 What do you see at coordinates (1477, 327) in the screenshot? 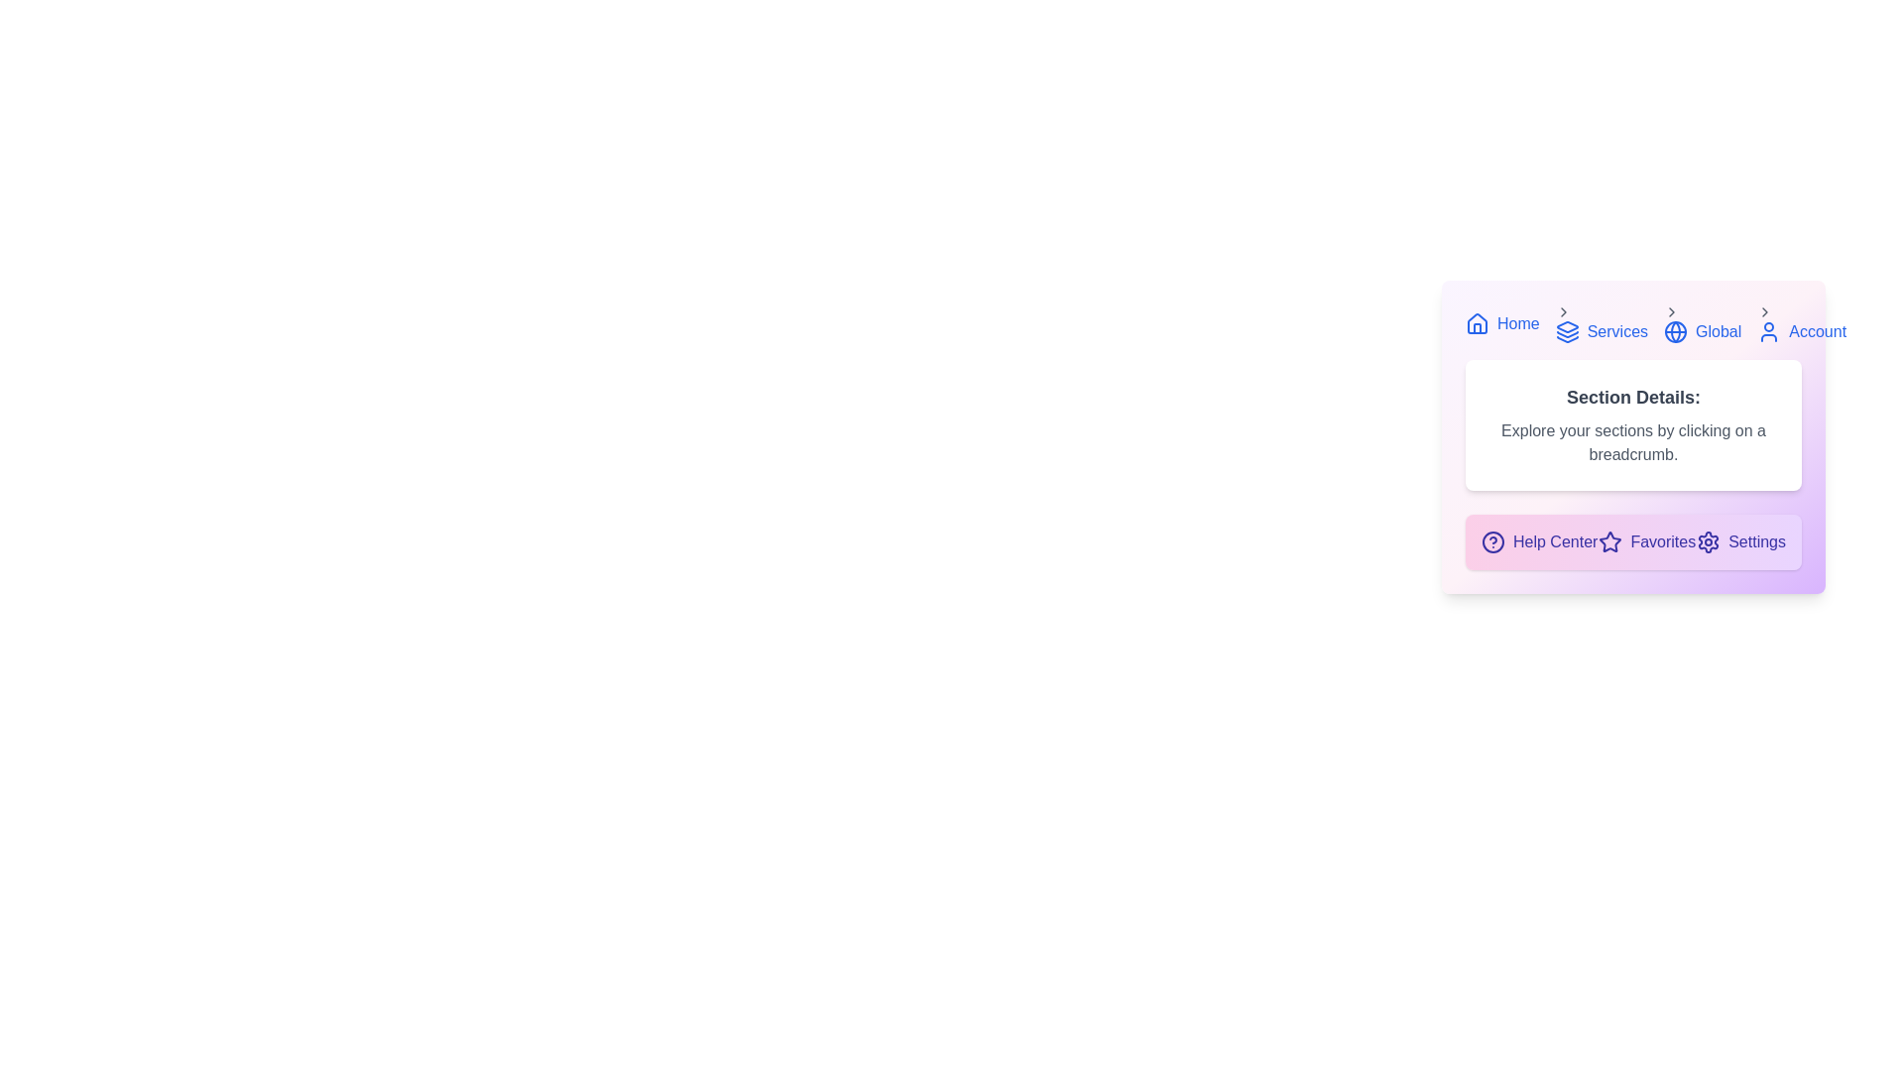
I see `the decorative door element of the house icon located at the bottom center of the house icon in the navigation bar` at bounding box center [1477, 327].